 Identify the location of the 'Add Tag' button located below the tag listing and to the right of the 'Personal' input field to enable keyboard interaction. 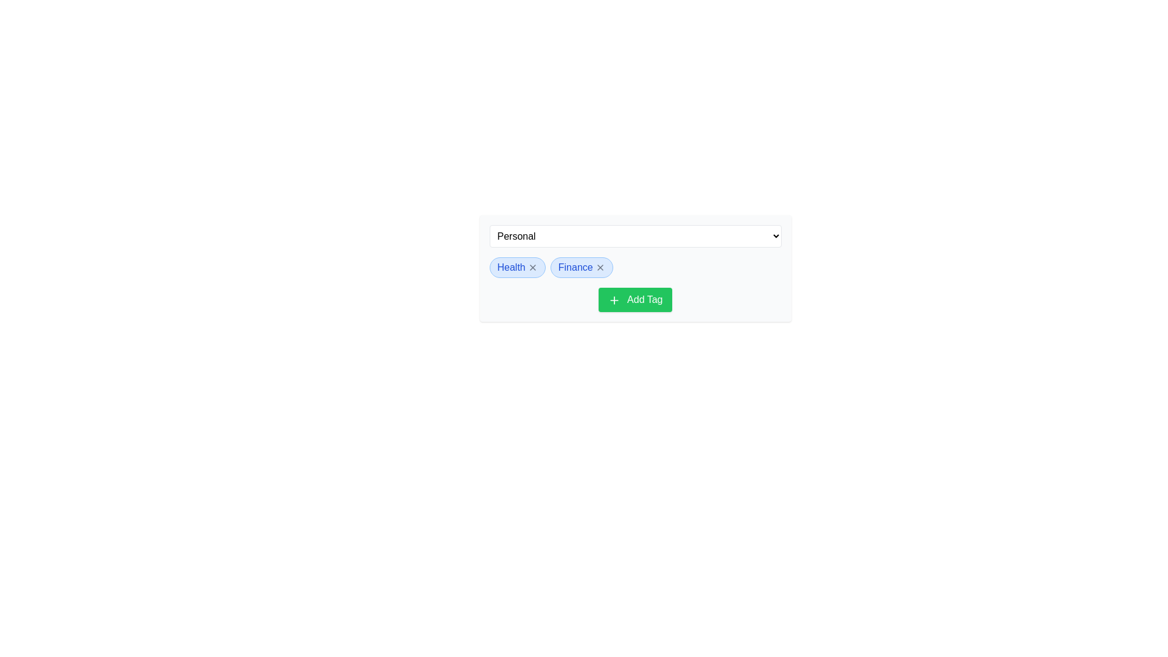
(634, 300).